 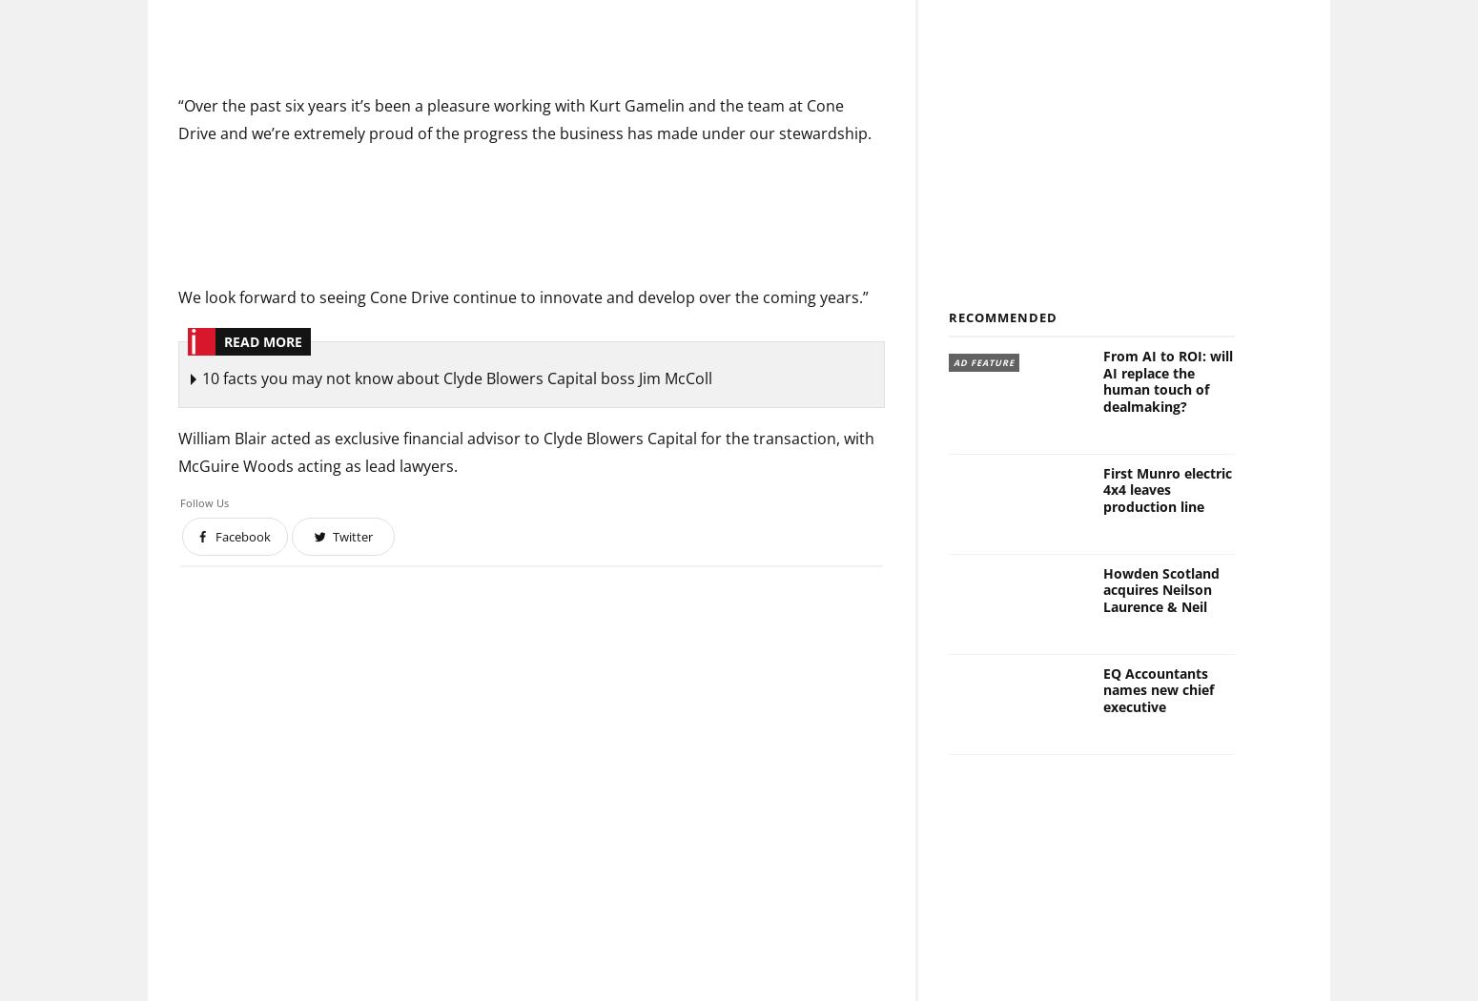 I want to click on 'William Blair acted as exclusive financial advisor to Clyde Blowers Capital for the transaction, with McGuire Woods acting as lead lawyers.', so click(x=525, y=452).